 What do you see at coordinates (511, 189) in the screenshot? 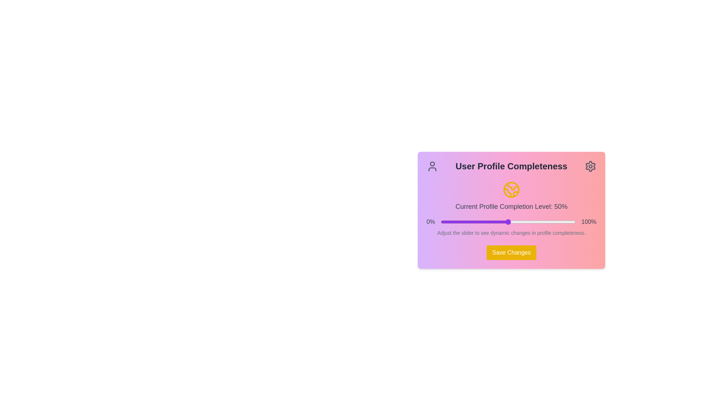
I see `the circular icon with a bold outline and decorative pattern, located at the center of the 'User Profile Completeness' card` at bounding box center [511, 189].